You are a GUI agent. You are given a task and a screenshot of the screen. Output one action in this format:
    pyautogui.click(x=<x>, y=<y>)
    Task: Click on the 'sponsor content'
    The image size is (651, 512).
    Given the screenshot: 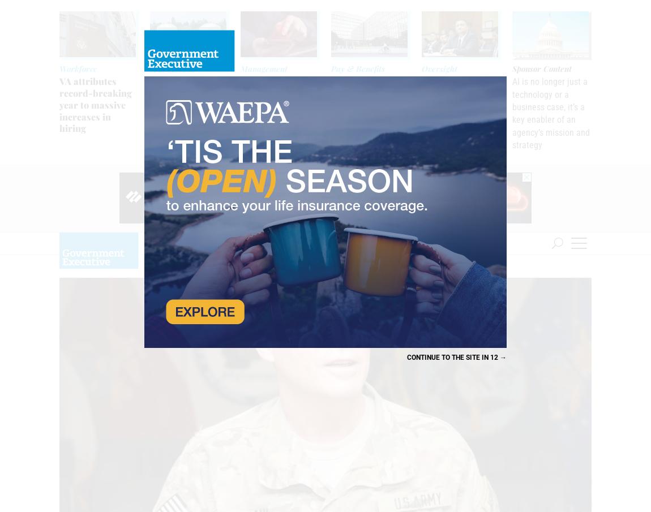 What is the action you would take?
    pyautogui.click(x=512, y=68)
    